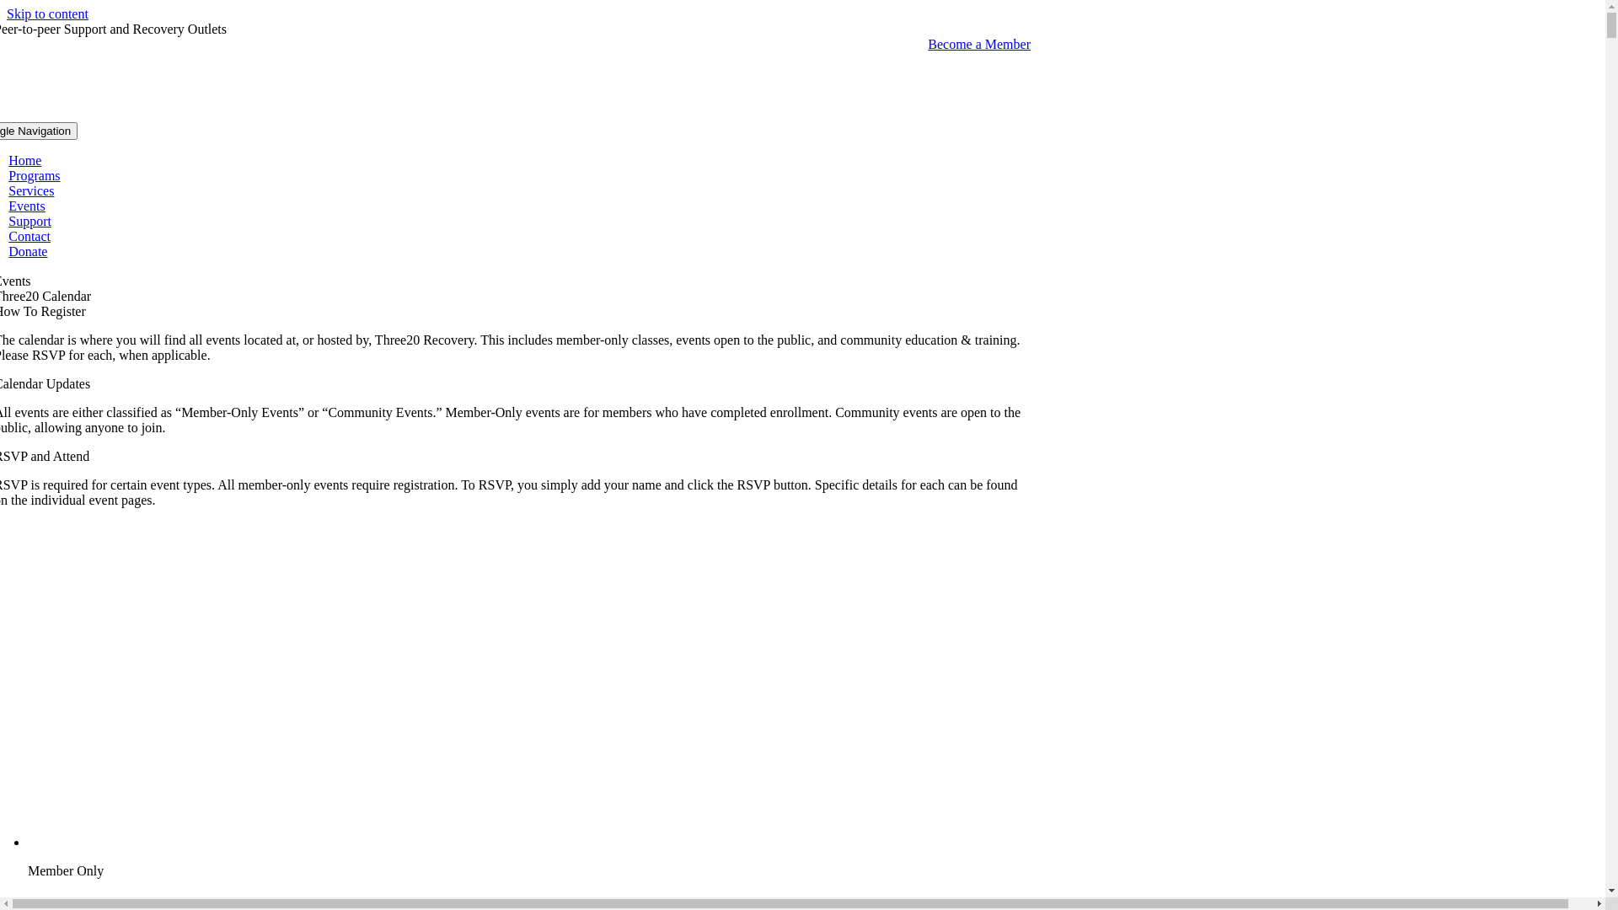 This screenshot has width=1618, height=910. I want to click on 'Skip to content', so click(7, 13).